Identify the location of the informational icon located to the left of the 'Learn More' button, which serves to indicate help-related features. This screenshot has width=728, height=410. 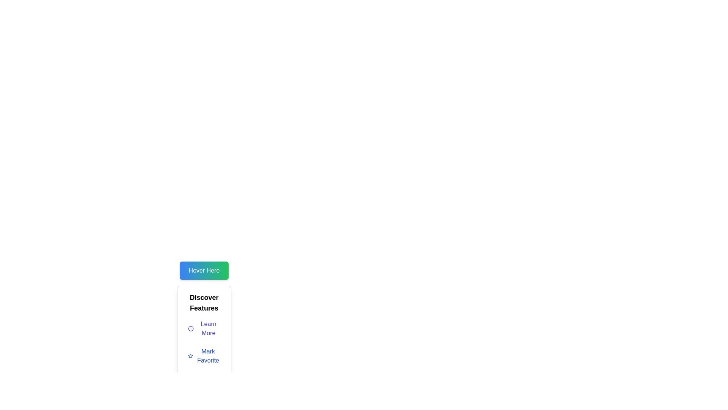
(191, 328).